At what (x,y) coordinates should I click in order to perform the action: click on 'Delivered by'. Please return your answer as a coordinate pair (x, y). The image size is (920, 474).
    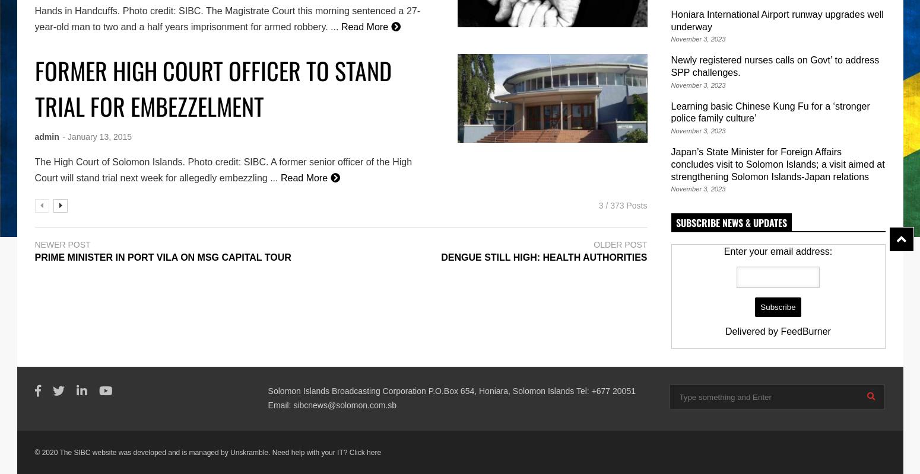
    Looking at the image, I should click on (725, 331).